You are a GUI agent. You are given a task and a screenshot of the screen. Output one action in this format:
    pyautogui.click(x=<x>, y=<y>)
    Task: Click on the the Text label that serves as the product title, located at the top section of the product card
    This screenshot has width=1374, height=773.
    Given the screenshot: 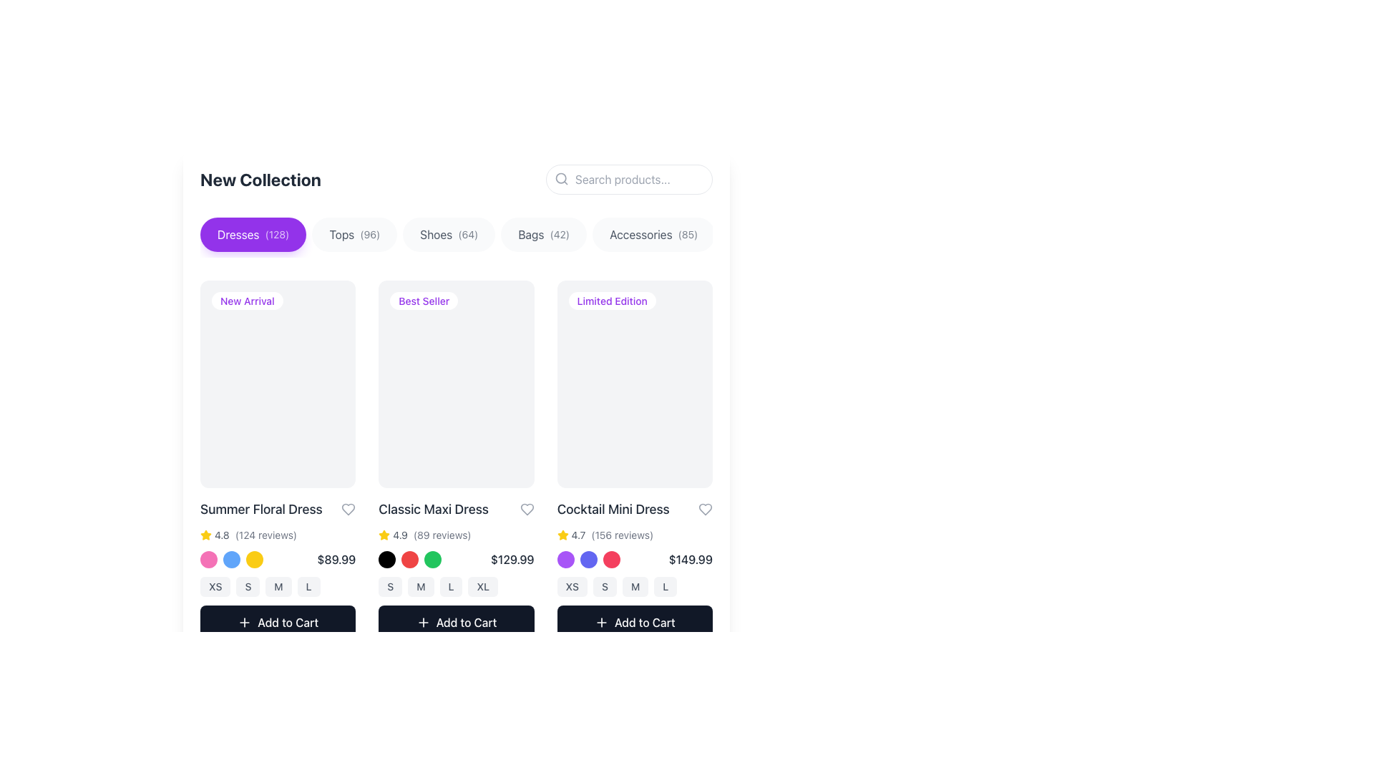 What is the action you would take?
    pyautogui.click(x=634, y=508)
    